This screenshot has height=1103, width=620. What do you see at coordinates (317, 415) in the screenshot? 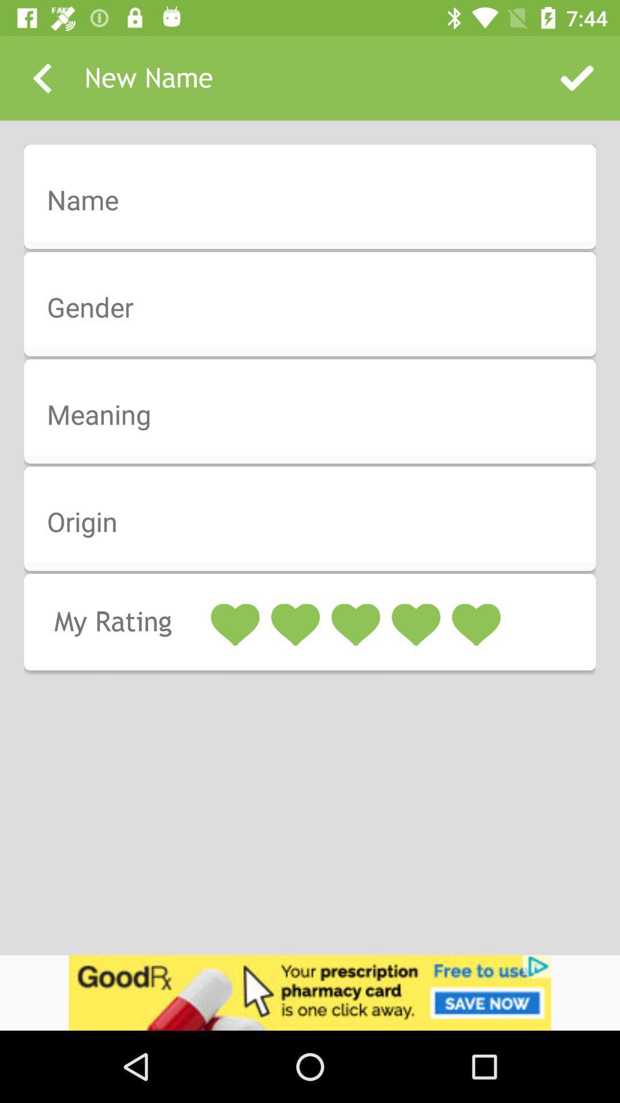
I see `meaning page` at bounding box center [317, 415].